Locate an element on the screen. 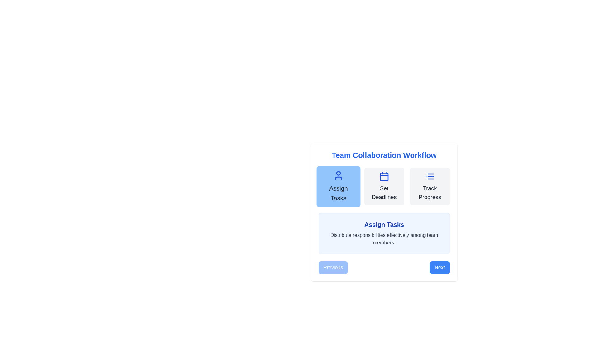 The image size is (599, 337). the 'Track Progress' SVG graphic icon, which is the third button in the row under 'Team Collaboration Workflow', to trigger the tooltip or highlight effect is located at coordinates (429, 177).